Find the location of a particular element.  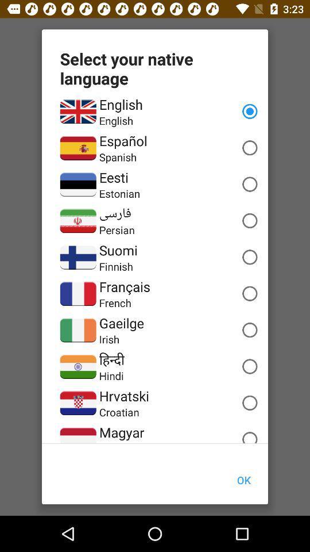

app above the estonian is located at coordinates (114, 177).